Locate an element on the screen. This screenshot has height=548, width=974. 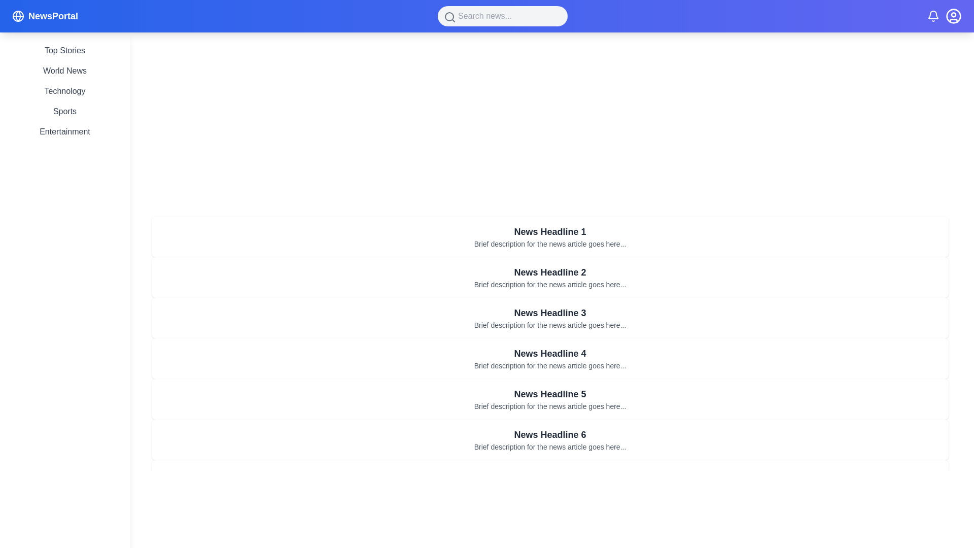
the text of the summary for the news article titled 'News Headline 4', which is located beneath its title in a list of news articles is located at coordinates (549, 366).